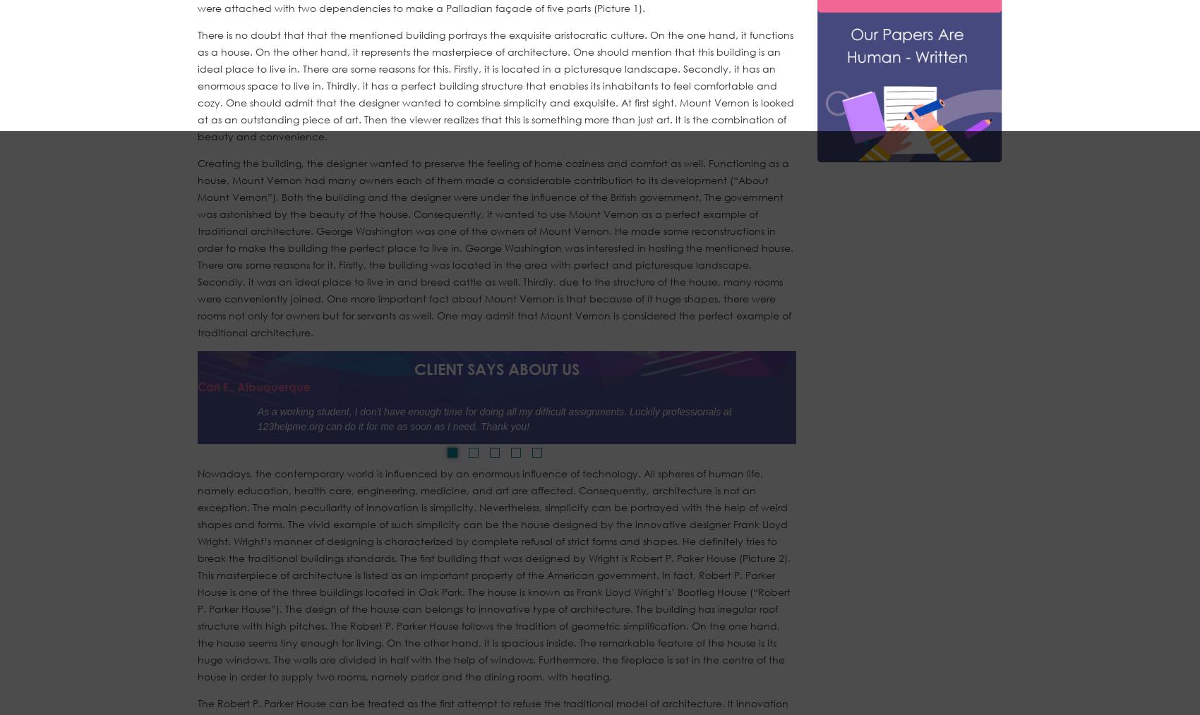 Image resolution: width=1200 pixels, height=715 pixels. Describe the element at coordinates (458, 367) in the screenshot. I see `'Client says'` at that location.